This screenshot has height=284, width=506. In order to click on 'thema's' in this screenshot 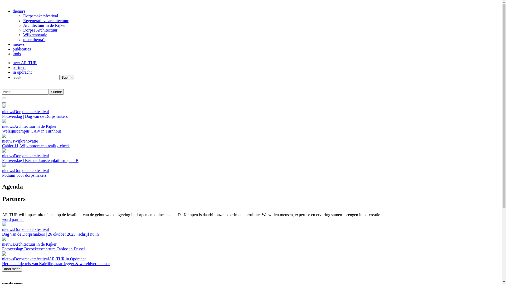, I will do `click(19, 11)`.